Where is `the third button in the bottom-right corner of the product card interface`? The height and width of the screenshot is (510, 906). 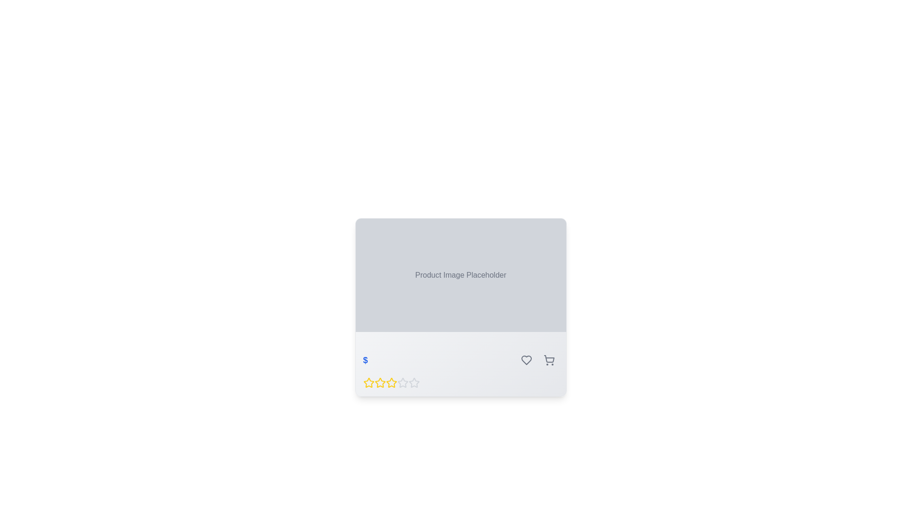
the third button in the bottom-right corner of the product card interface is located at coordinates (549, 360).